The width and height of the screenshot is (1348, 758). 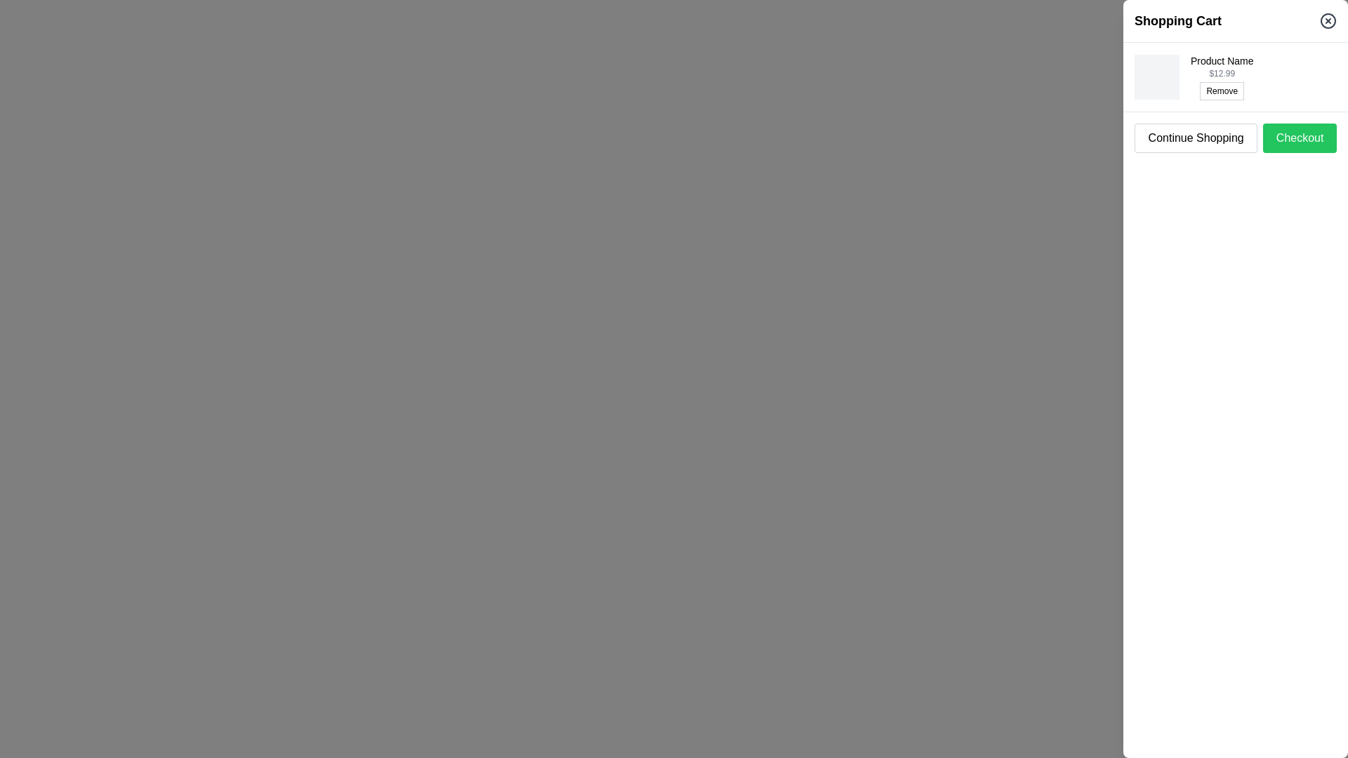 I want to click on the rectangular green button labeled 'Checkout' to initiate the checkout process, so click(x=1299, y=138).